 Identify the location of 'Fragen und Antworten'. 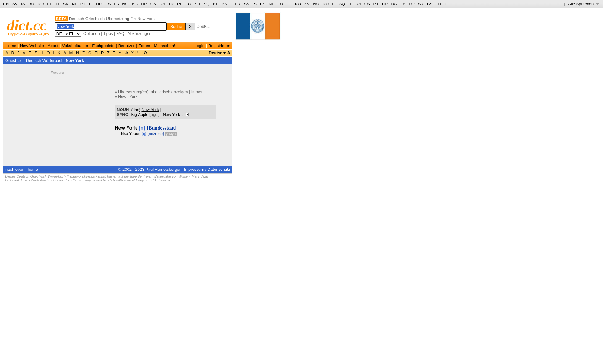
(152, 180).